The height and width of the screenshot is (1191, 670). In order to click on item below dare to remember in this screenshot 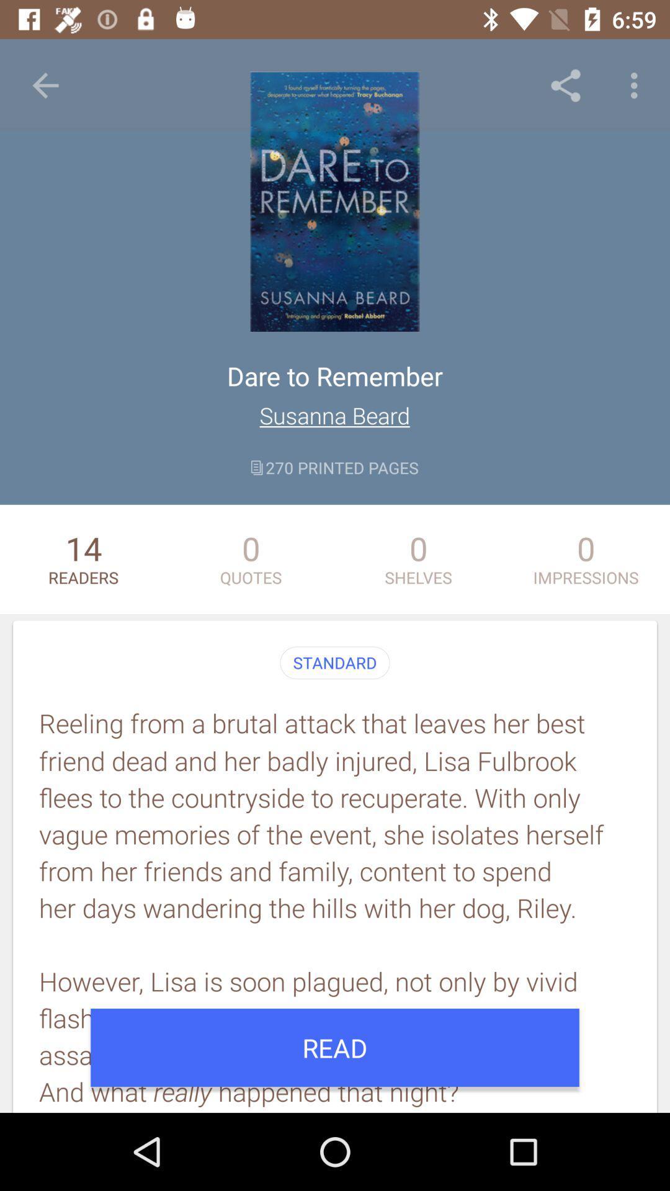, I will do `click(334, 415)`.